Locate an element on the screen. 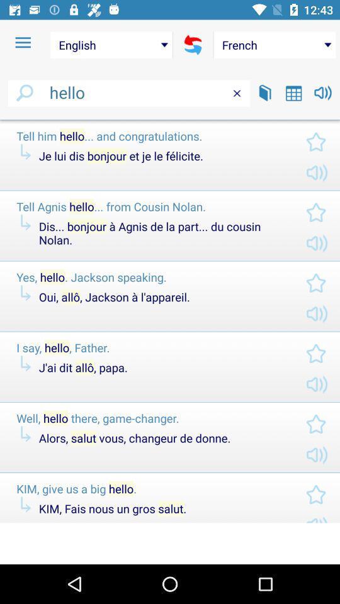  the icon below yes hello jackson item is located at coordinates (162, 297).